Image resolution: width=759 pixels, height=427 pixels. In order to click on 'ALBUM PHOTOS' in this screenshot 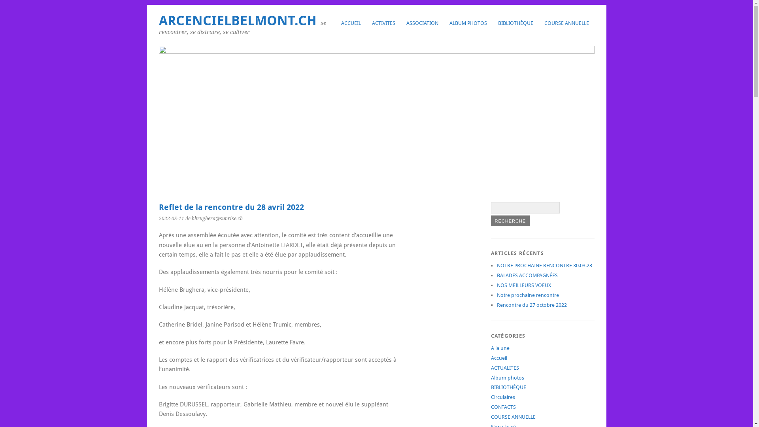, I will do `click(468, 23)`.